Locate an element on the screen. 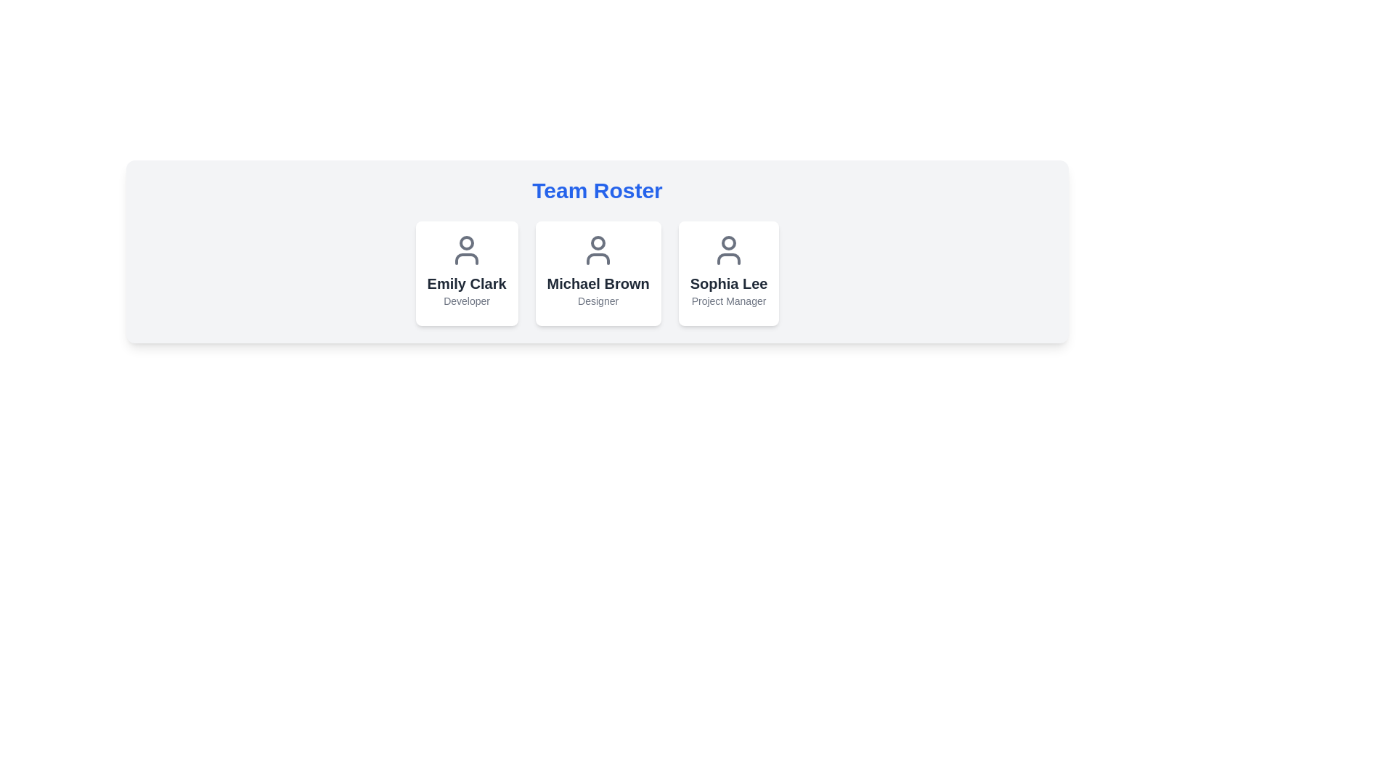 Image resolution: width=1394 pixels, height=784 pixels. the user icon representing Emily Clark, which is a minimalist gray circular head above the text 'Emily Clark' is located at coordinates (467, 249).